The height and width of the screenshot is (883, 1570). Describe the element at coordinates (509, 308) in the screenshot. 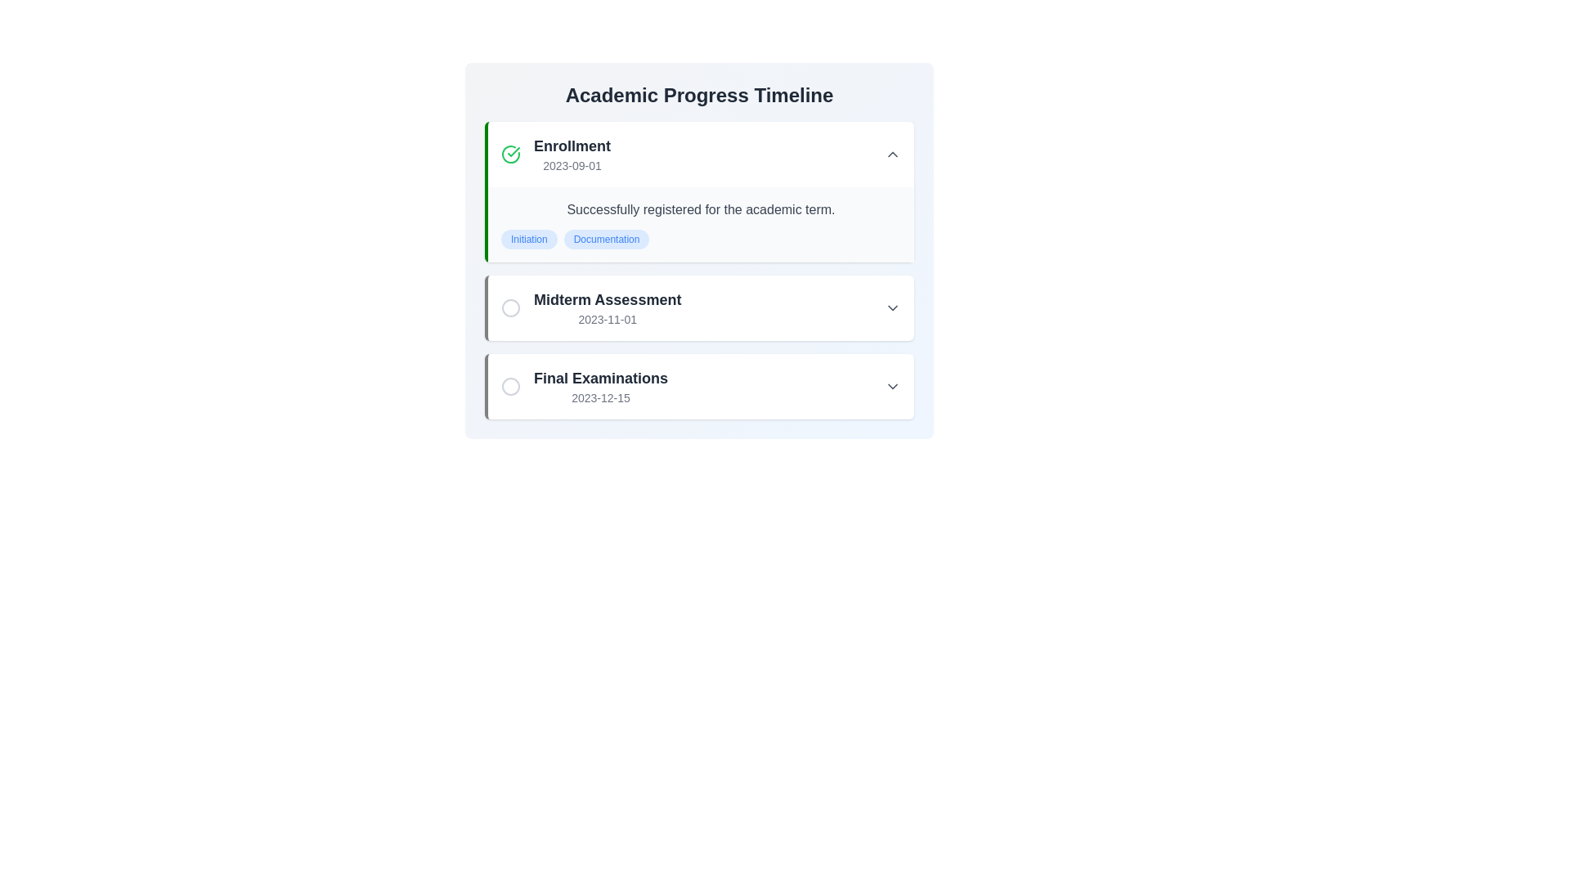

I see `the circular graphic icon representing the 'Midterm Assessment' item in the timeline, which is located in the second panel of the list` at that location.